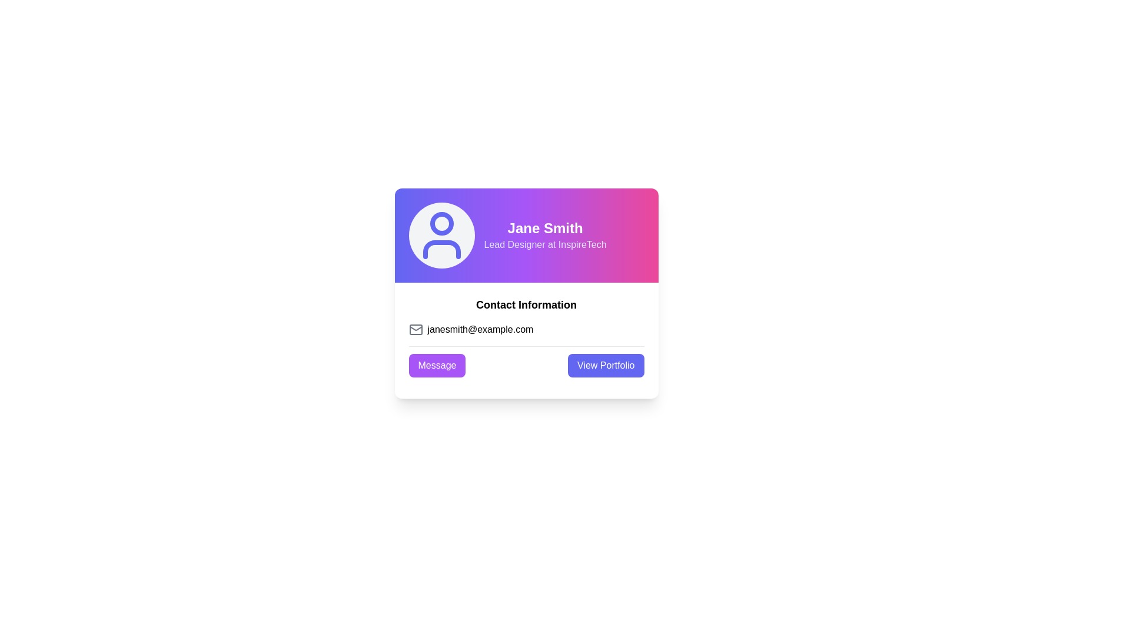 The height and width of the screenshot is (636, 1130). I want to click on the profile display area for user 'Jane Smith', which includes the title 'Lead Designer at InspireTech', to potentially display additional details, so click(526, 236).